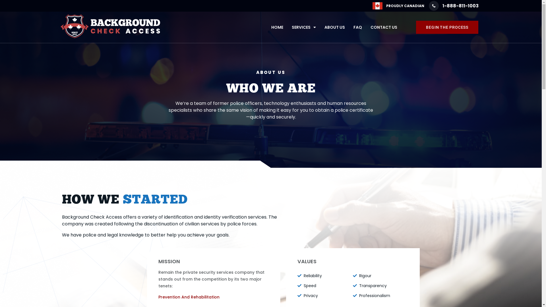  I want to click on 'SERVICES', so click(303, 27).